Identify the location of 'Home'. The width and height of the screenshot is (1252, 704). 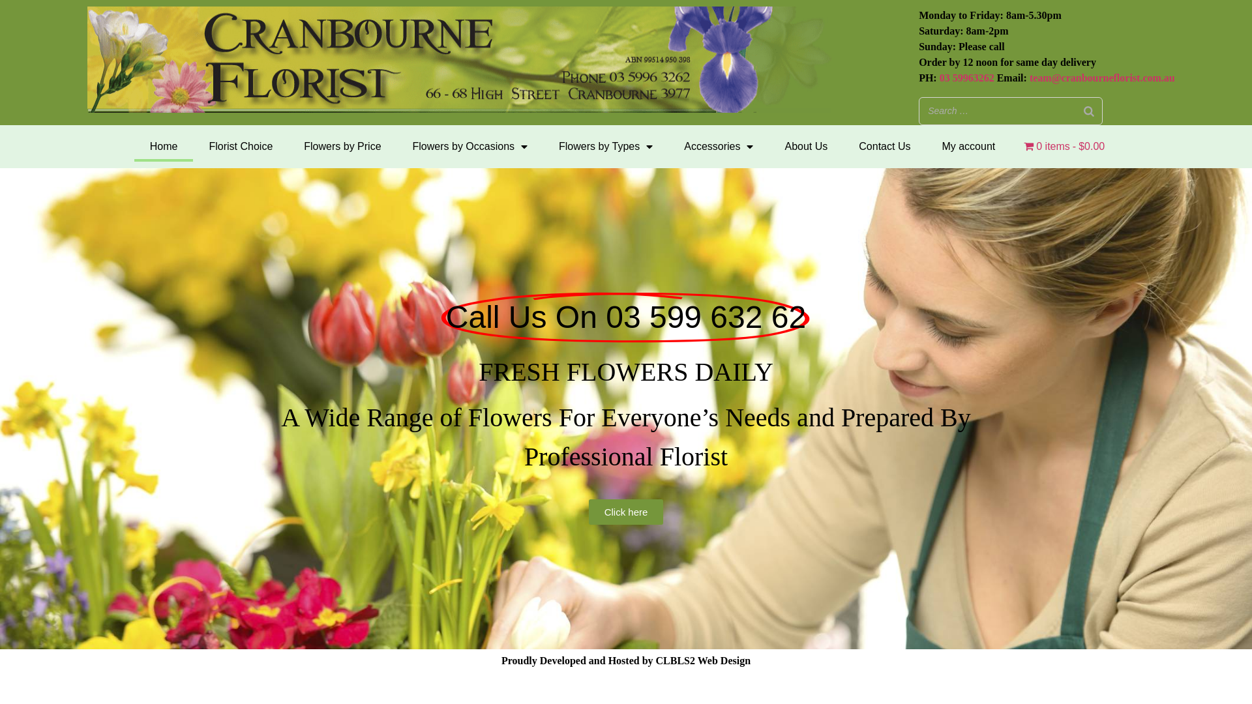
(163, 146).